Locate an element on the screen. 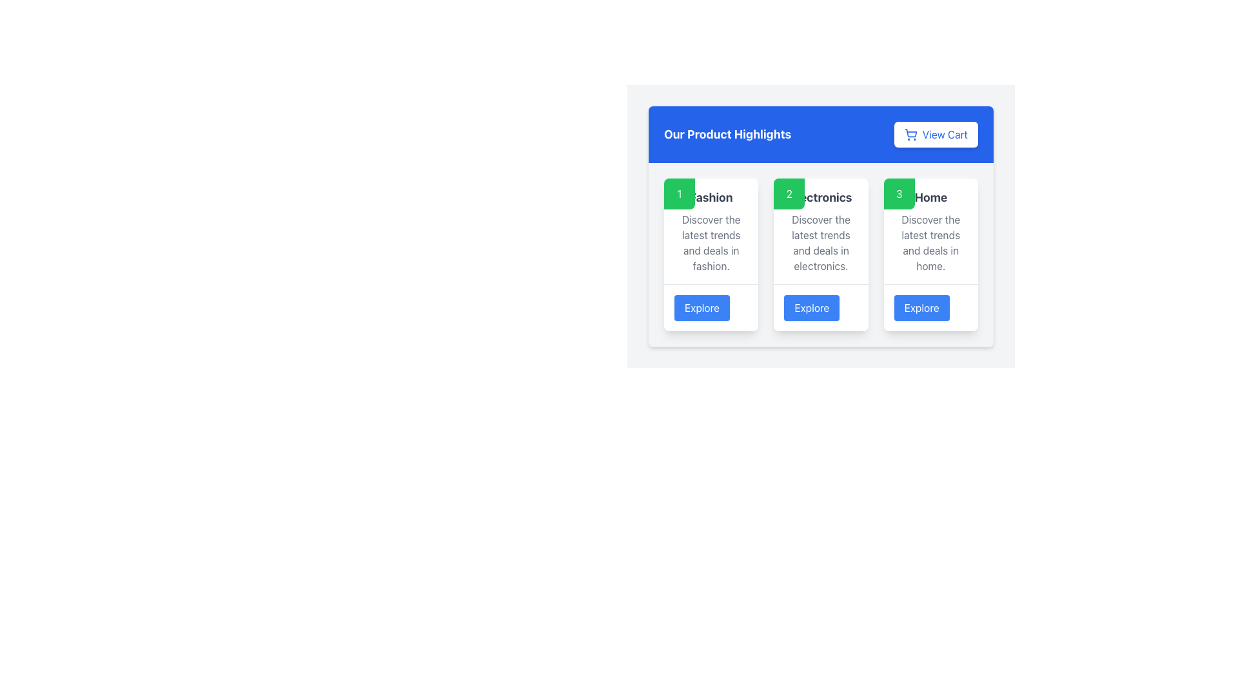 The height and width of the screenshot is (696, 1238). the button located in the lower section of the '3 Home' card is located at coordinates (921, 308).